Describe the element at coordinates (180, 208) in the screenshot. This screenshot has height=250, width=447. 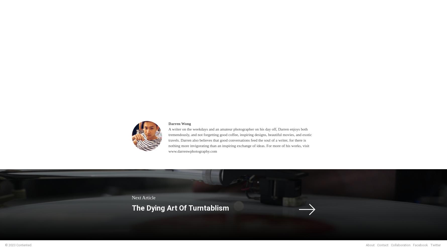
I see `'The Dying Art Of Turntablism'` at that location.